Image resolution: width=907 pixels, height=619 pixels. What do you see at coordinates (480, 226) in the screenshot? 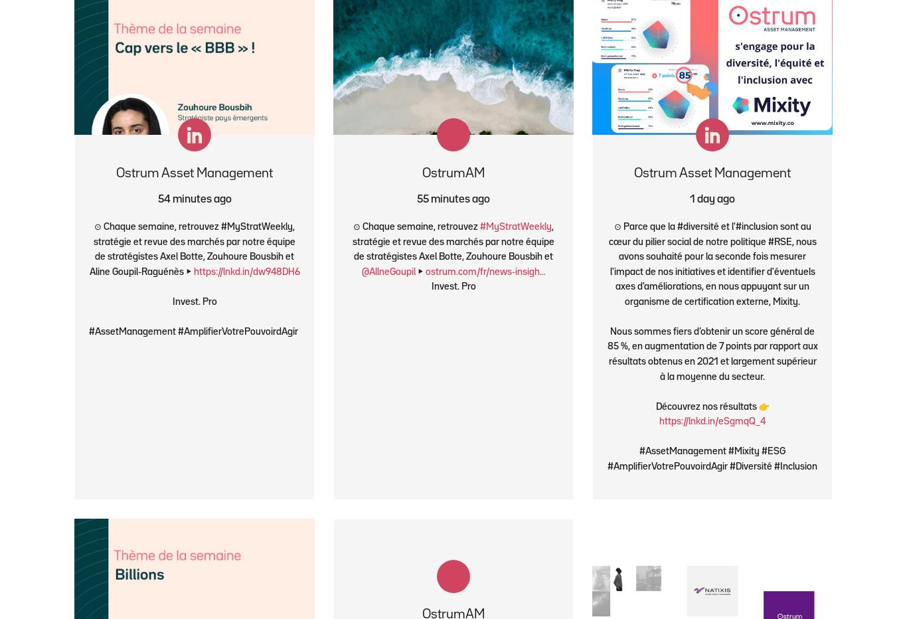
I see `'#MyStratWeekly'` at bounding box center [480, 226].